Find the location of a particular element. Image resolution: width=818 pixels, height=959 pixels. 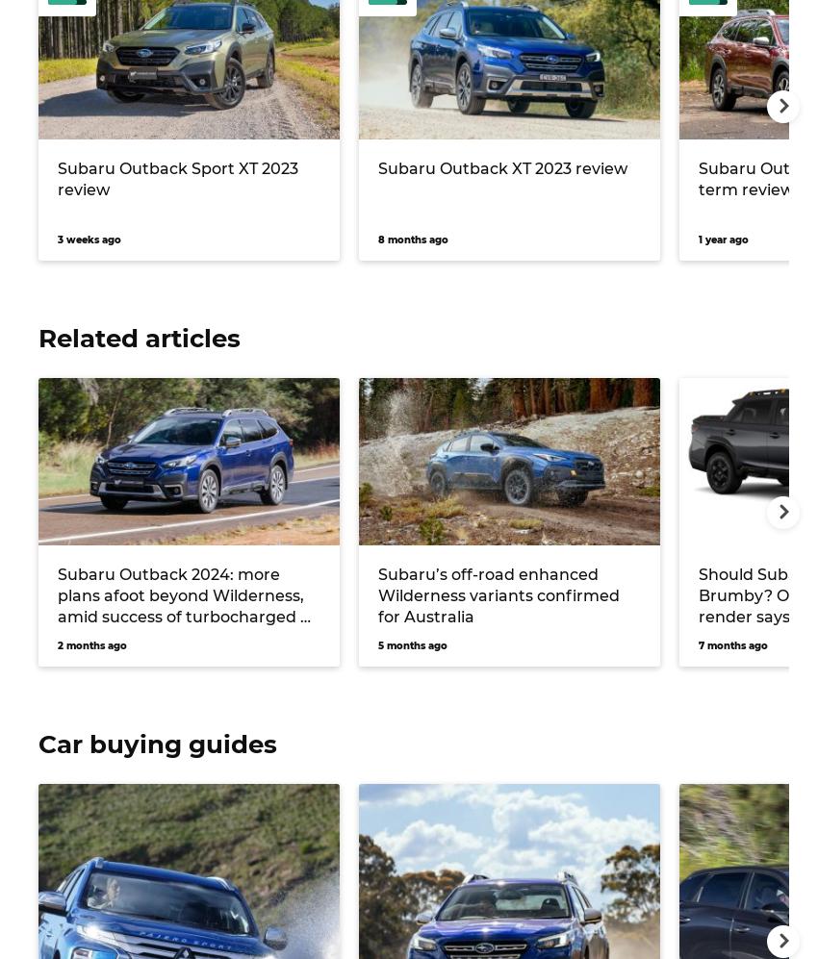

'Subaru Outback XT 2023 review' is located at coordinates (501, 166).